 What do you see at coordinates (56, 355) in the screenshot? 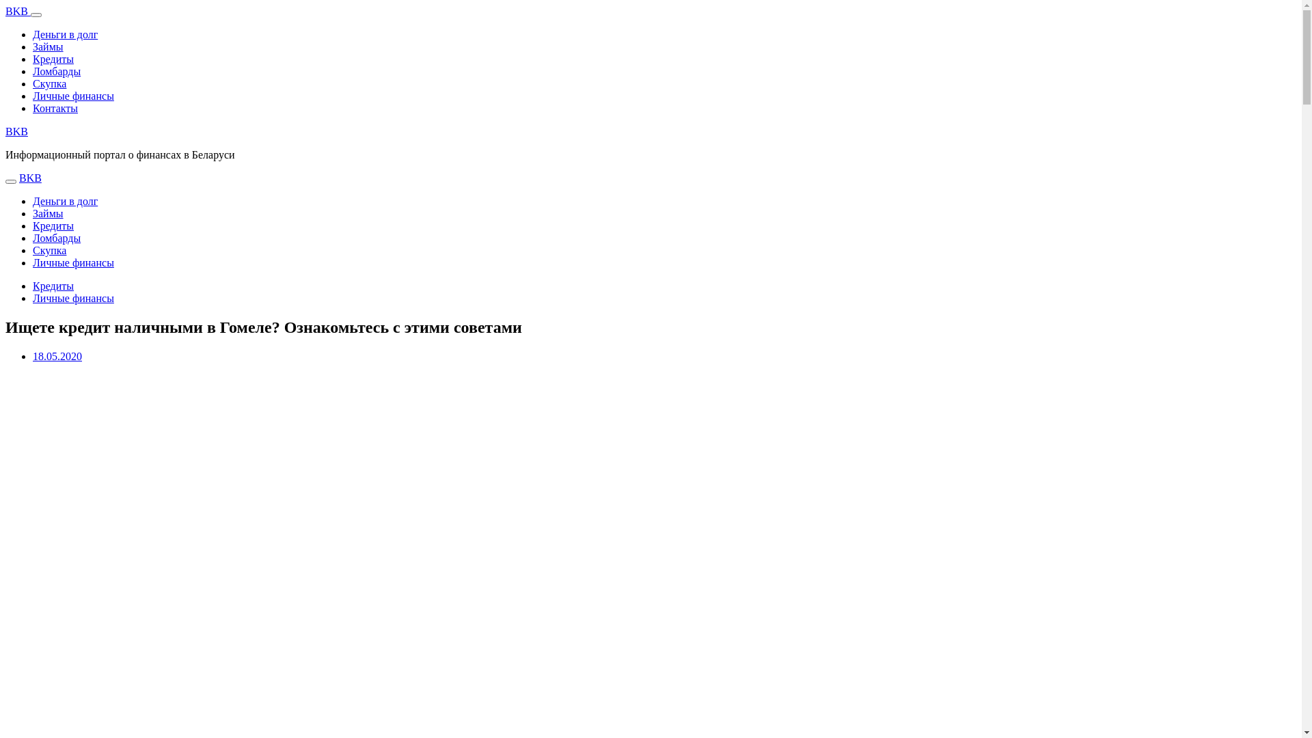
I see `'18.05.2020'` at bounding box center [56, 355].